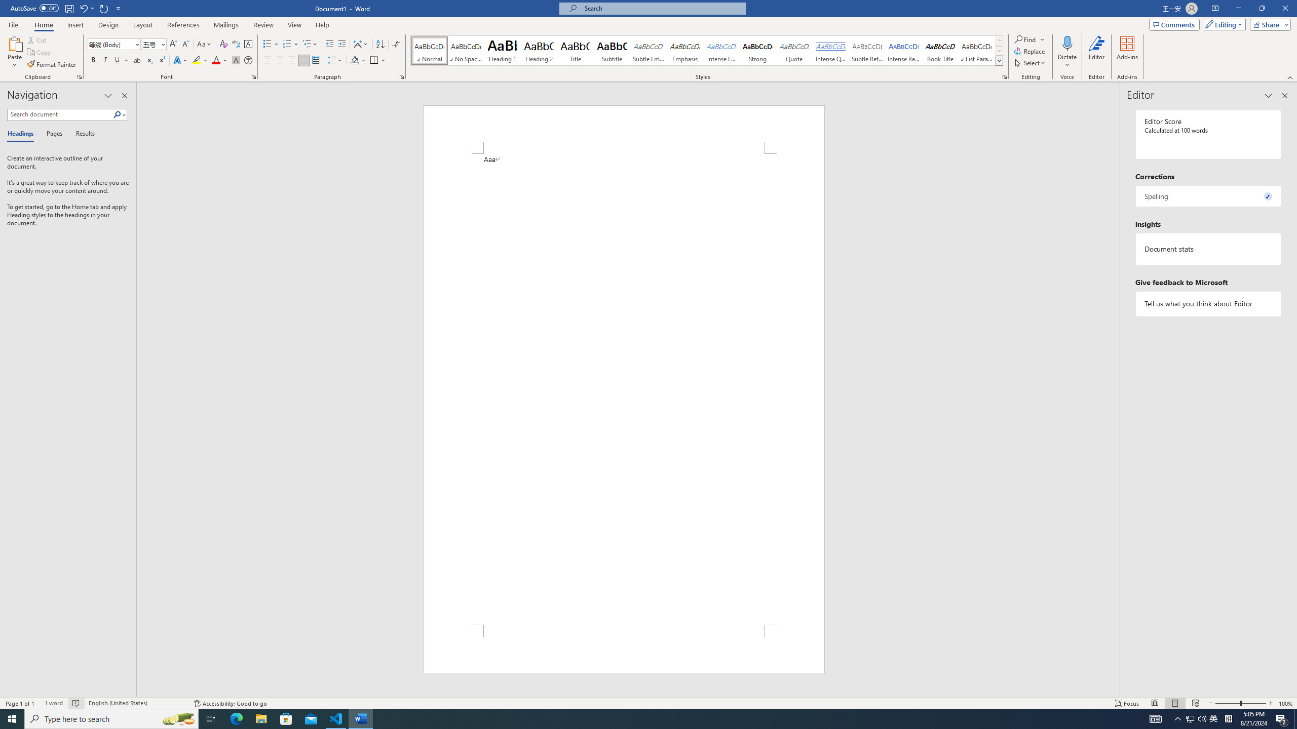 The image size is (1297, 729). Describe the element at coordinates (539, 50) in the screenshot. I see `'Heading 2'` at that location.